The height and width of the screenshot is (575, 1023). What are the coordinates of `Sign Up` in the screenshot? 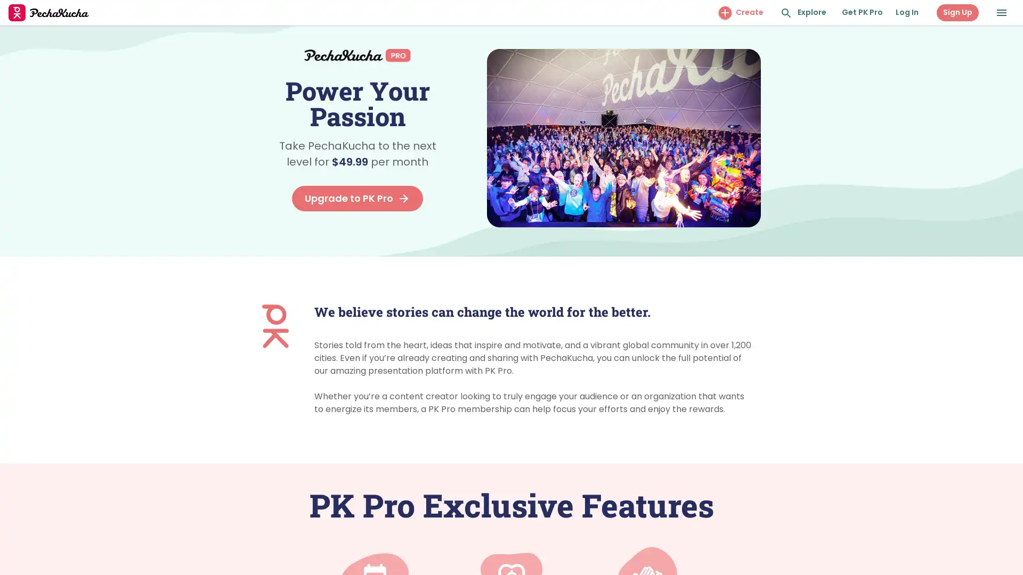 It's located at (957, 12).